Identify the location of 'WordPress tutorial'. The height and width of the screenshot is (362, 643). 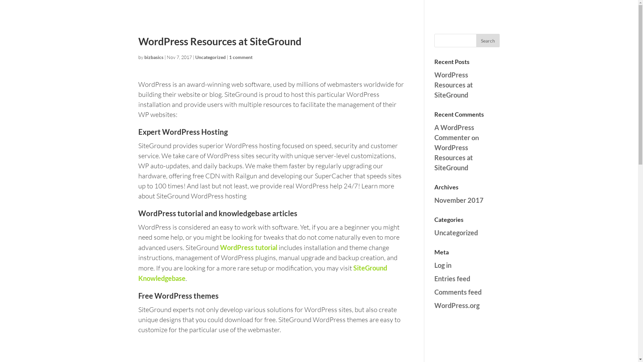
(248, 247).